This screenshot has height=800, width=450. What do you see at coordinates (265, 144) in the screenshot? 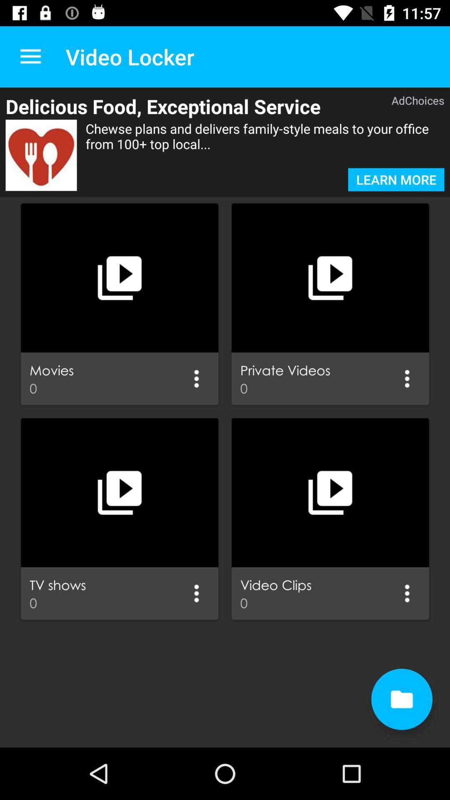
I see `the chewse plans and item` at bounding box center [265, 144].